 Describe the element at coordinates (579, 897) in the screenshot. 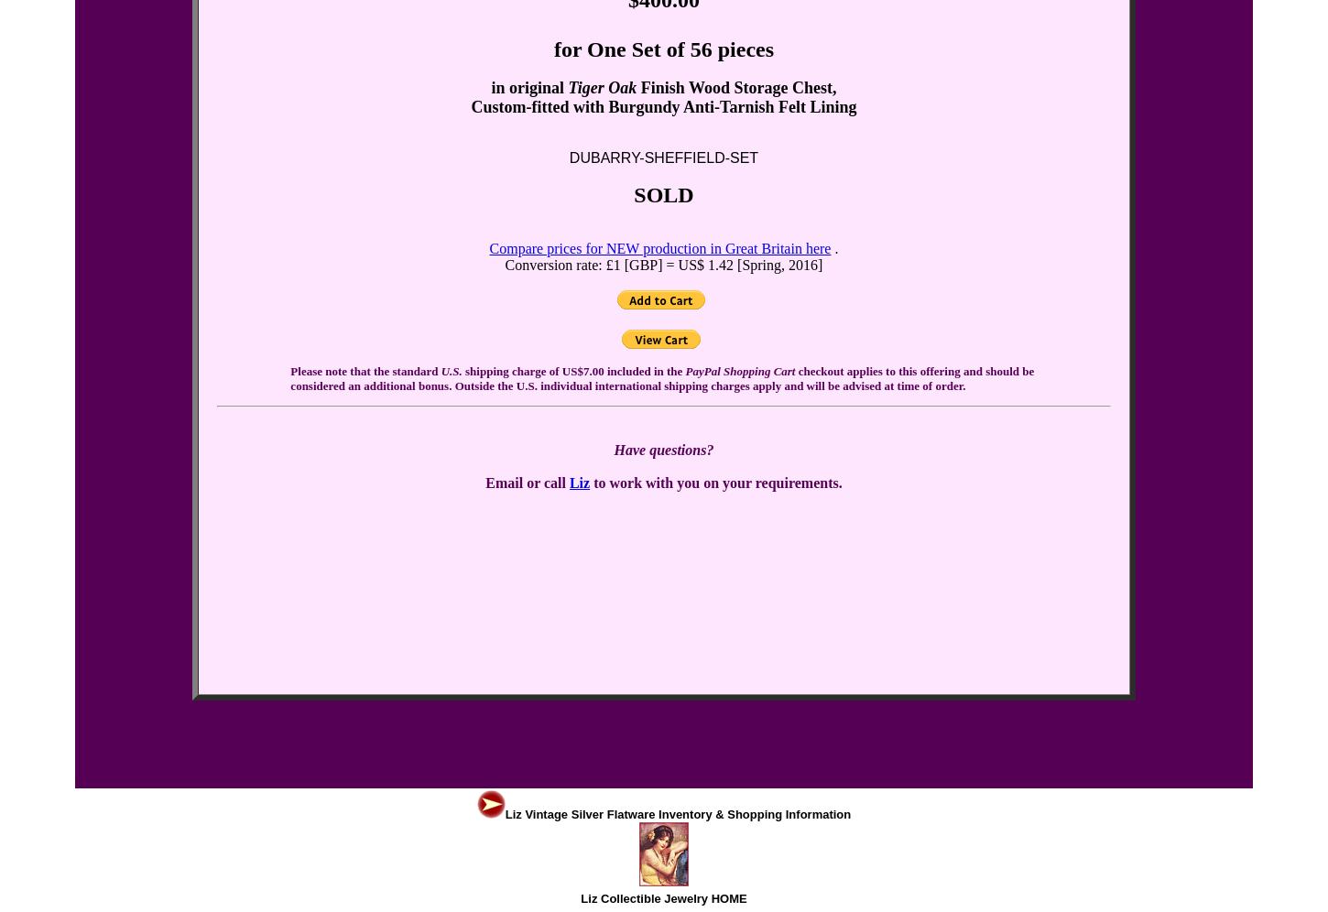

I see `'Liz Collectible Jewelry HOME'` at that location.